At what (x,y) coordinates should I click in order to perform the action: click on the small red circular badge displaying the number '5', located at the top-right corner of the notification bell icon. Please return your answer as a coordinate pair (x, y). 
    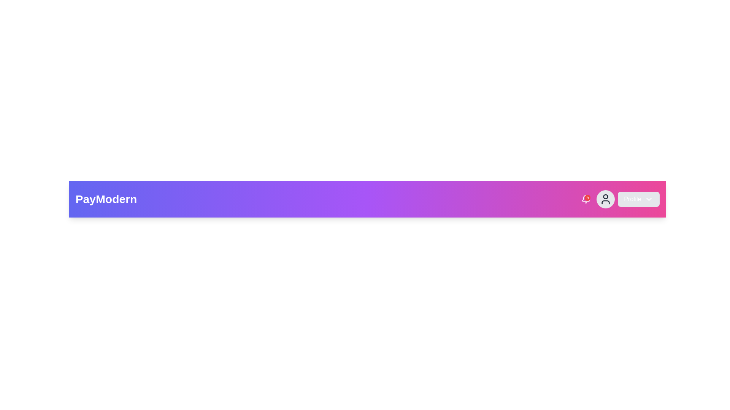
    Looking at the image, I should click on (587, 197).